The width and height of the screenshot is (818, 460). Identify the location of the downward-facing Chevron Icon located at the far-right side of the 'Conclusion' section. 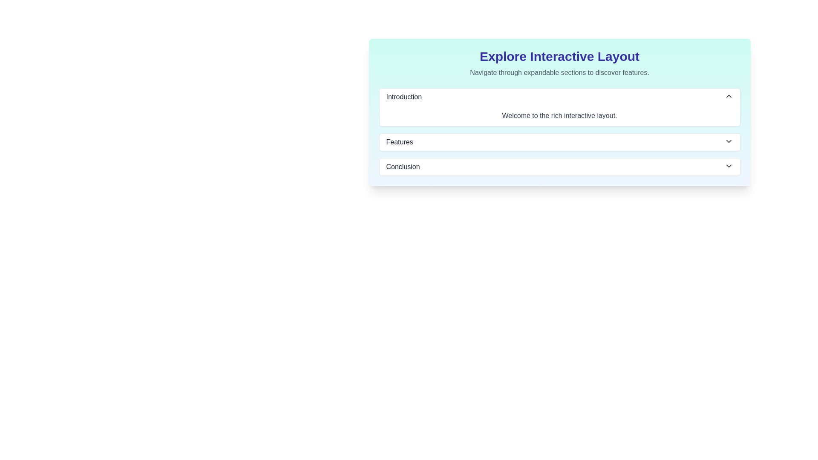
(728, 166).